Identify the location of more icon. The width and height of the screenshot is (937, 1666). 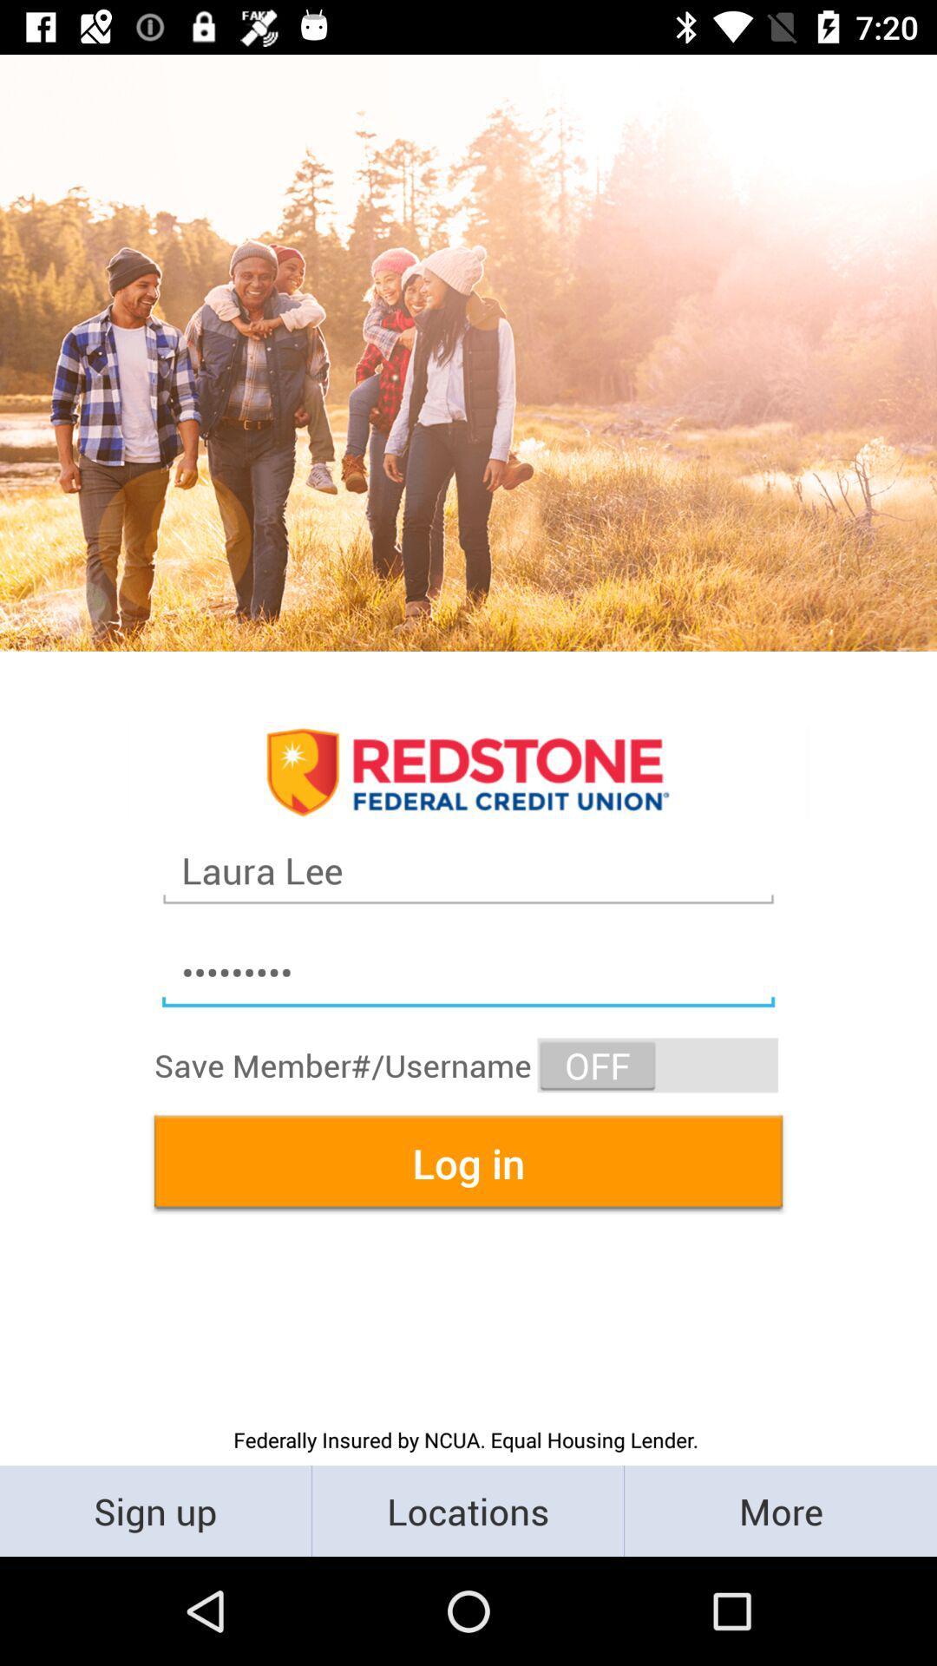
(779, 1510).